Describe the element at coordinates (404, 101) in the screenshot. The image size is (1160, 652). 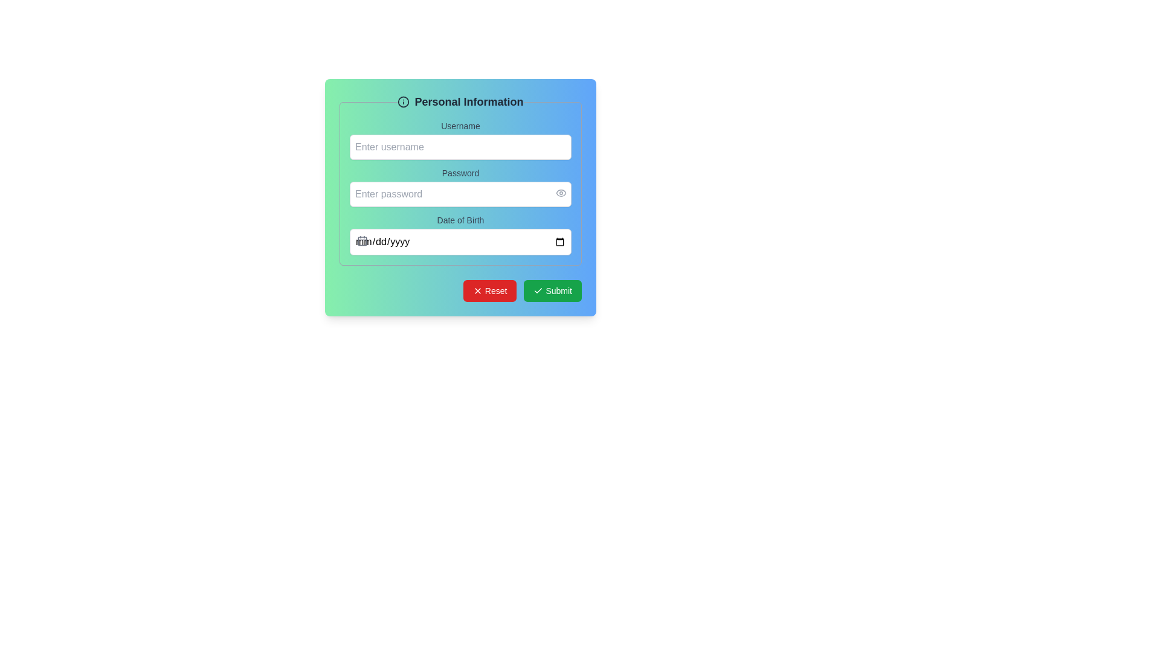
I see `the informational/help icon located at the top-left corner of the 'Personal Information' header` at that location.